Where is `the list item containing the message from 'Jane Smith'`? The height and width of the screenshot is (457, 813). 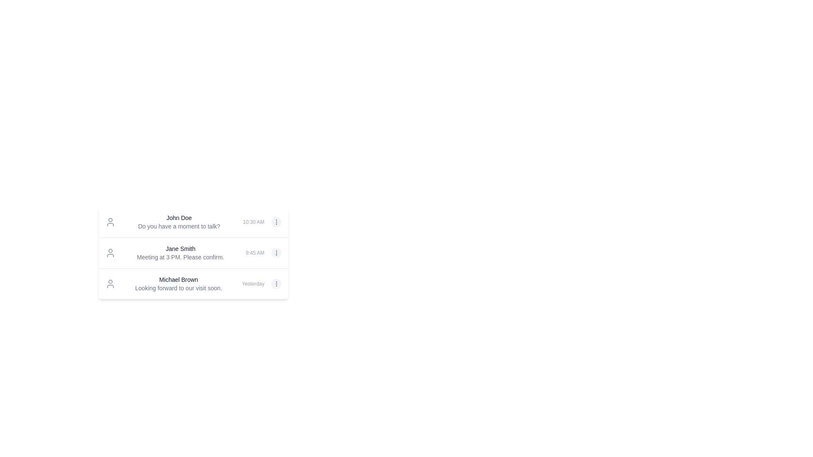
the list item containing the message from 'Jane Smith' is located at coordinates (193, 252).